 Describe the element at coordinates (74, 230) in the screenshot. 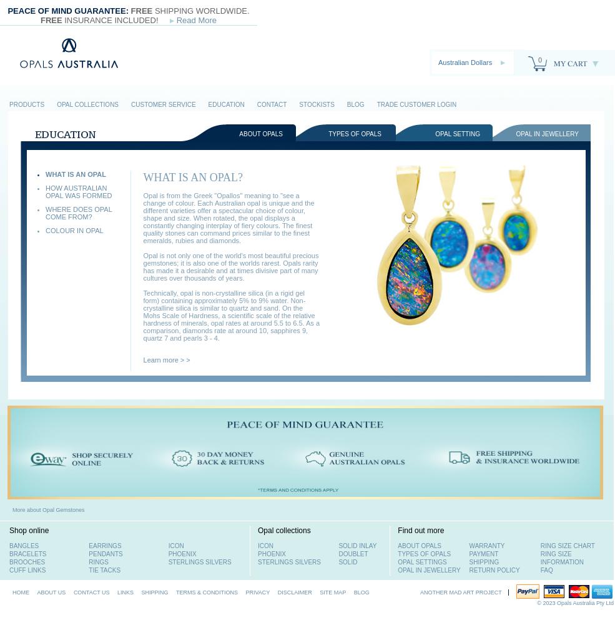

I see `'COLOUR IN OPAL'` at that location.